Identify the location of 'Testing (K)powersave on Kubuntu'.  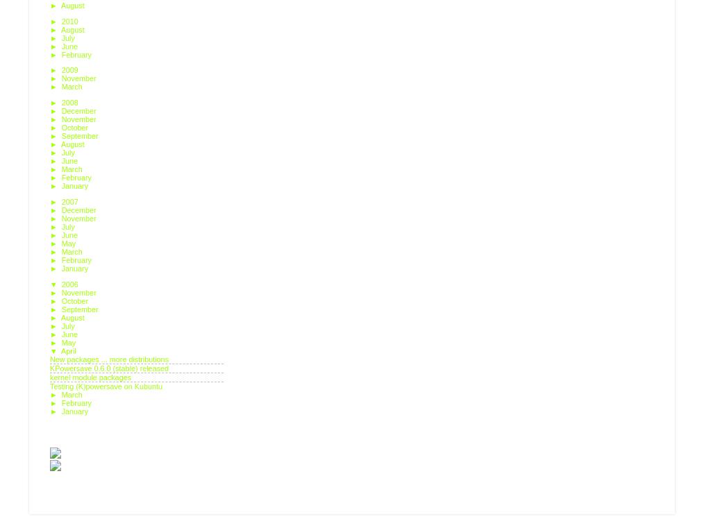
(106, 384).